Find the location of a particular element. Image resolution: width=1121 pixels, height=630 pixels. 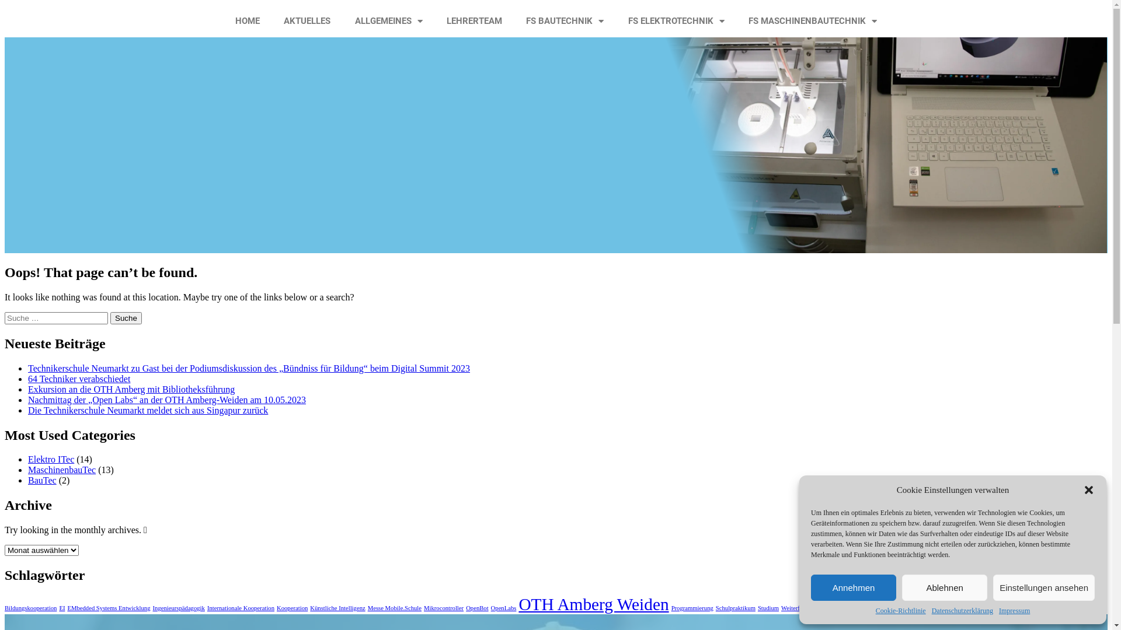

'Suche' is located at coordinates (126, 318).